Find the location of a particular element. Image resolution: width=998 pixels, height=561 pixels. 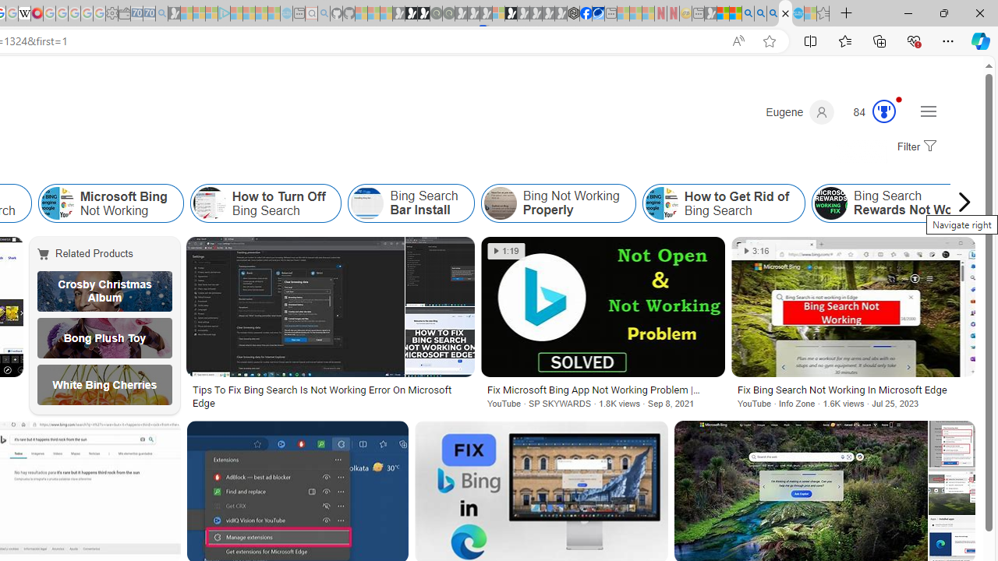

'Bing Search Rewards Not Working' is located at coordinates (830, 203).